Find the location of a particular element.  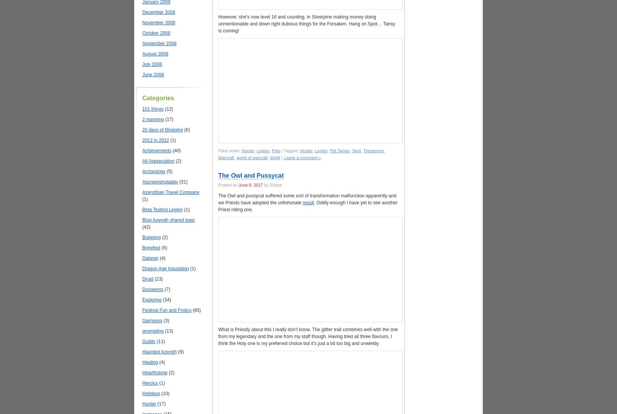

'Heroics' is located at coordinates (142, 382).